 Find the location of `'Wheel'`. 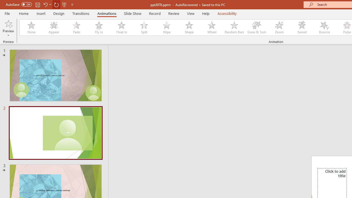

'Wheel' is located at coordinates (211, 28).